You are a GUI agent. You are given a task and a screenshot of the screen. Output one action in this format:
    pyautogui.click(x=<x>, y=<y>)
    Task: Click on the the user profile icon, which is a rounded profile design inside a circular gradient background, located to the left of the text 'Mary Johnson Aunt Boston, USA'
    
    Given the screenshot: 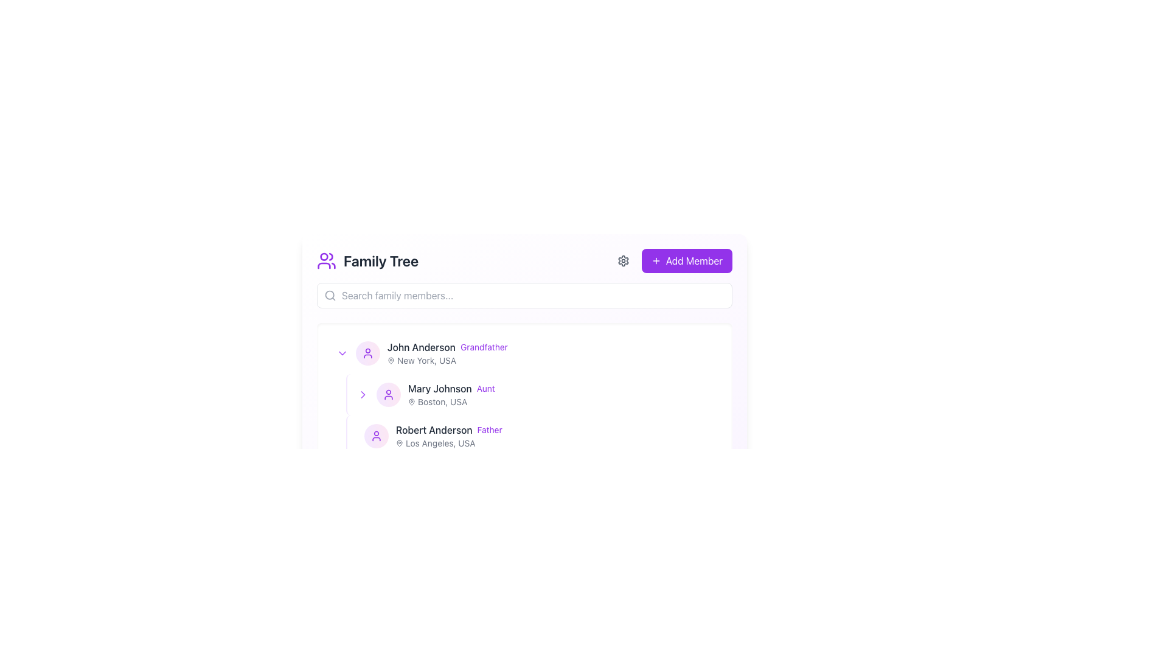 What is the action you would take?
    pyautogui.click(x=388, y=394)
    